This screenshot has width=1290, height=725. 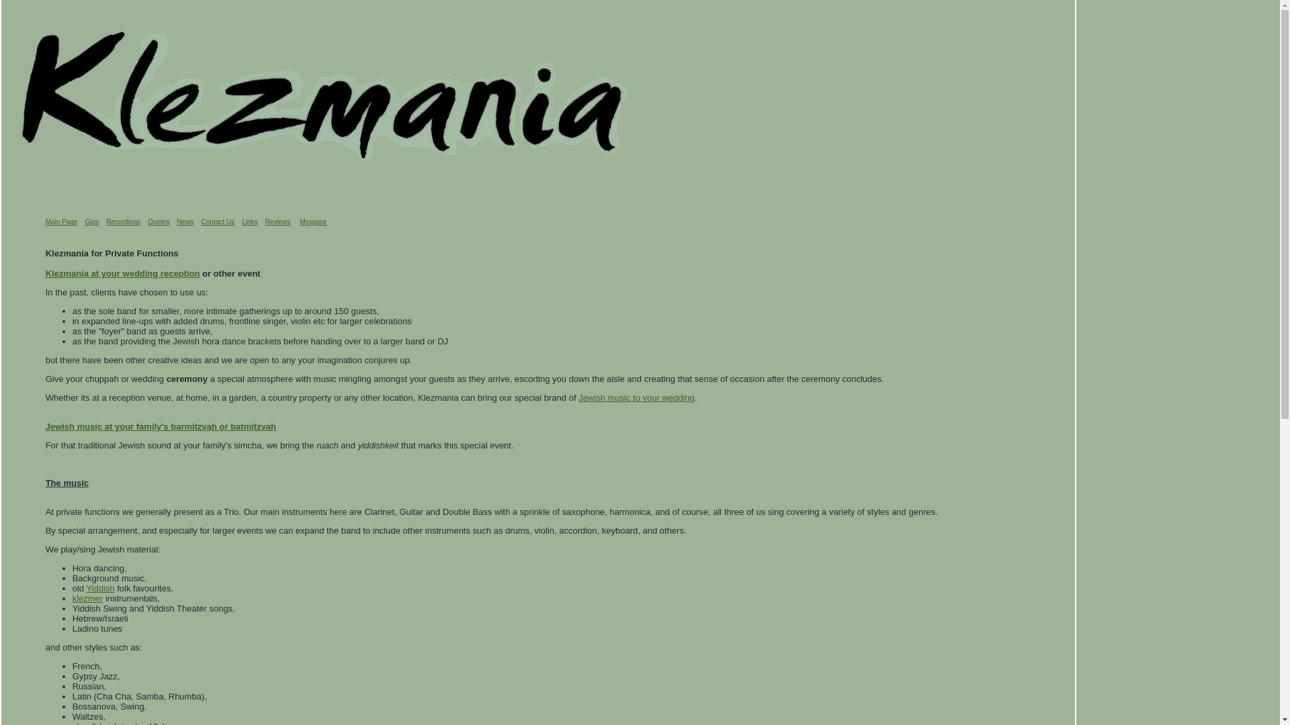 I want to click on 'Myspace', so click(x=312, y=221).